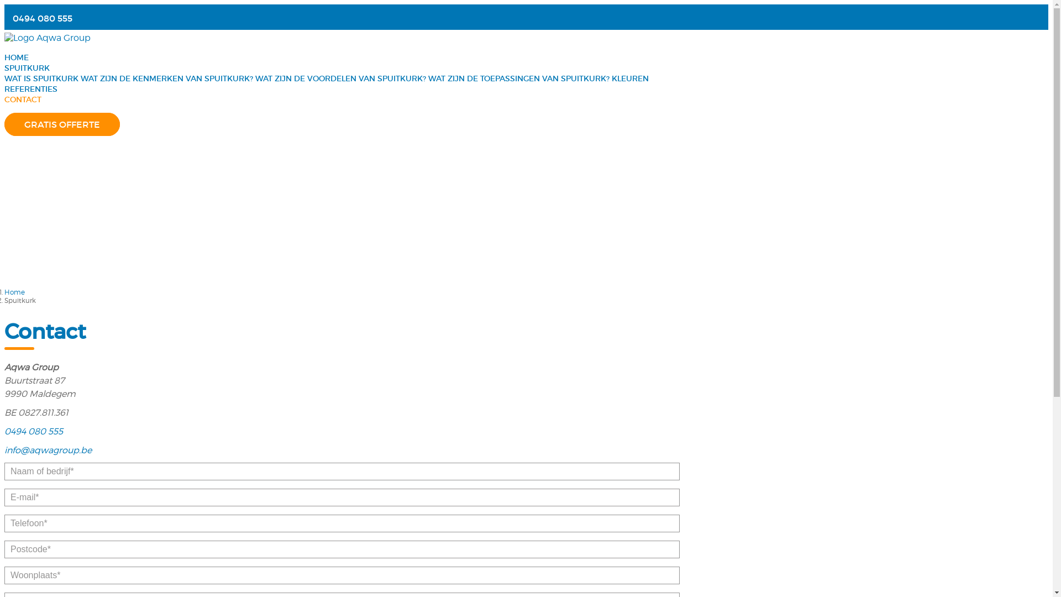 Image resolution: width=1061 pixels, height=597 pixels. What do you see at coordinates (342, 496) in the screenshot?
I see `'Tik een geldig emailadres in aub.'` at bounding box center [342, 496].